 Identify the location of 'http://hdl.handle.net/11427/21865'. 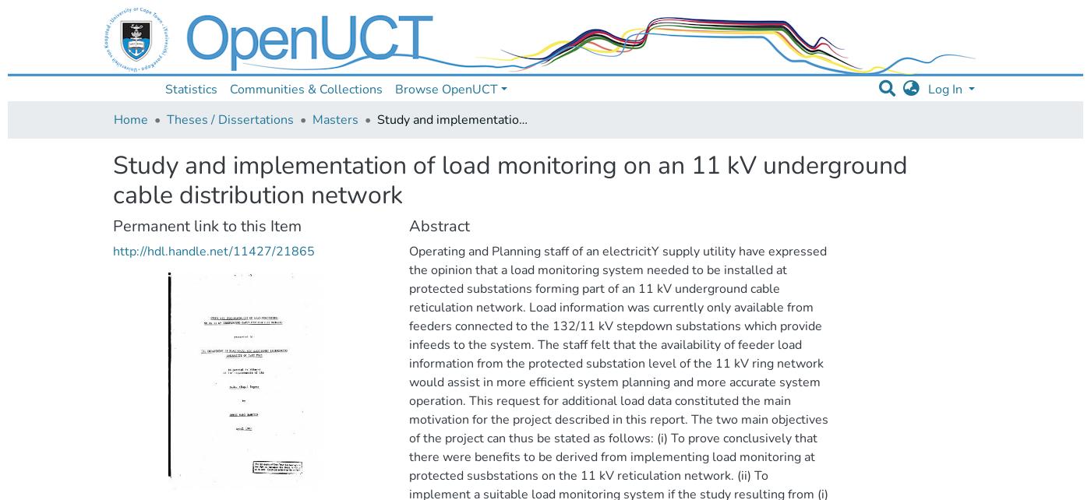
(214, 251).